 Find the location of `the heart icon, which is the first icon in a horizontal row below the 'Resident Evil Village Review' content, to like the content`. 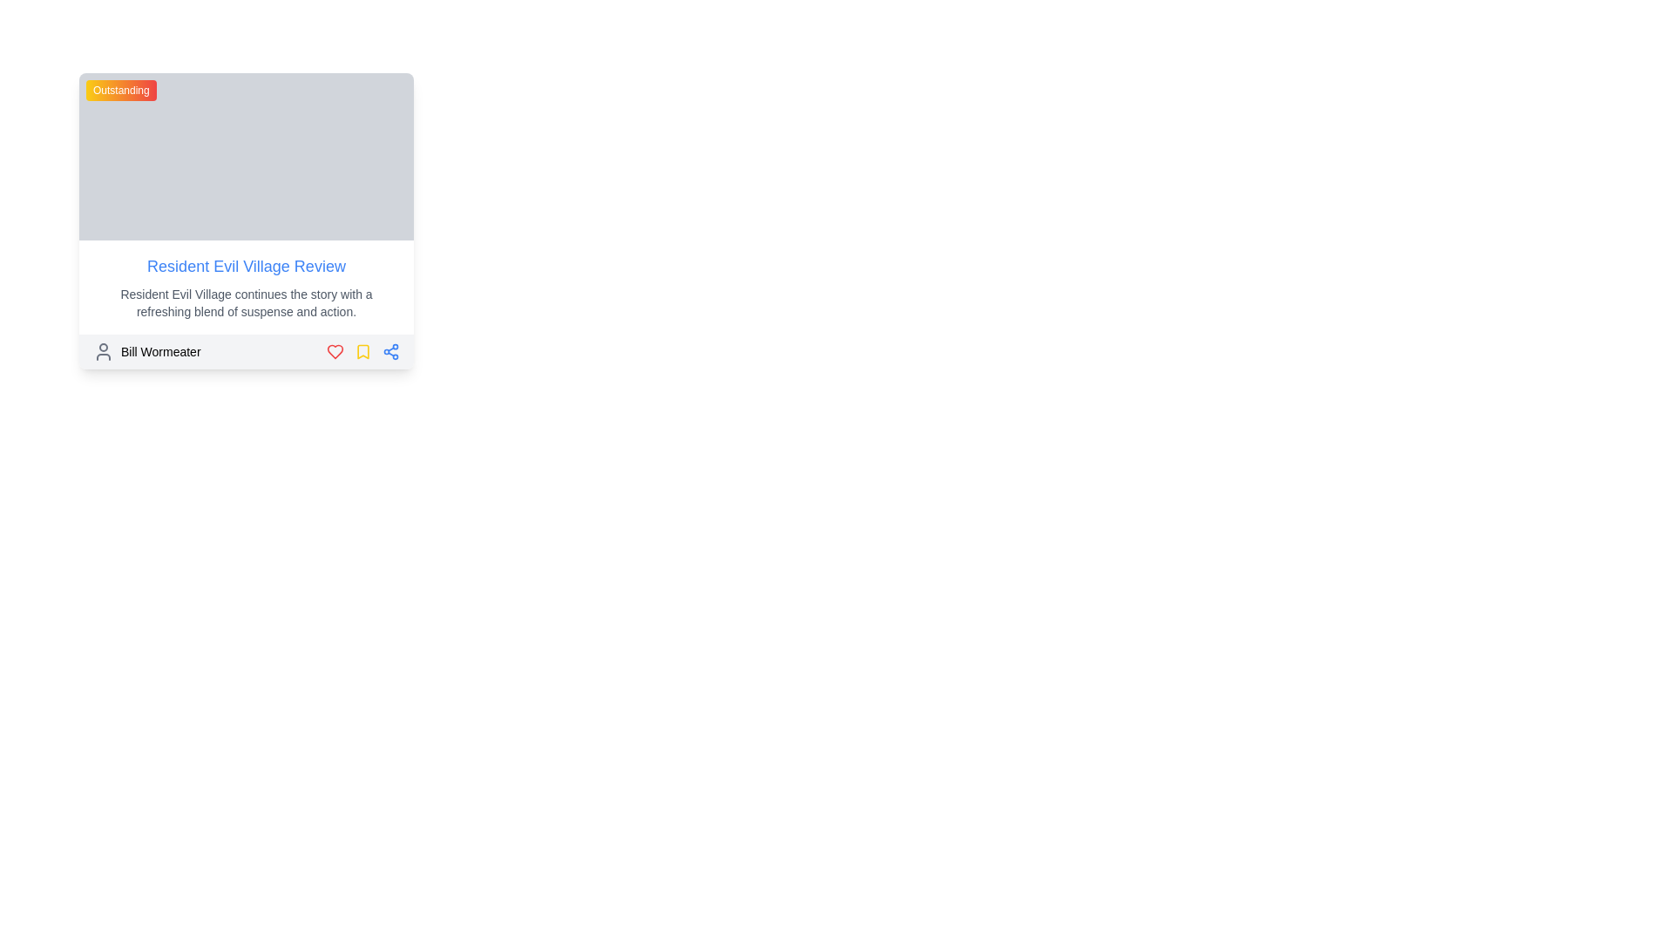

the heart icon, which is the first icon in a horizontal row below the 'Resident Evil Village Review' content, to like the content is located at coordinates (335, 352).